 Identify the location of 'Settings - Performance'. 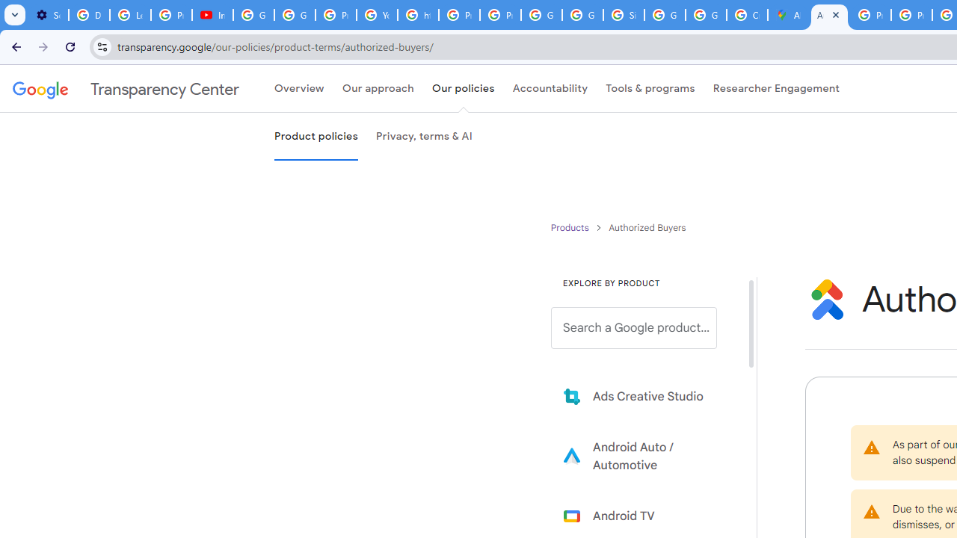
(48, 15).